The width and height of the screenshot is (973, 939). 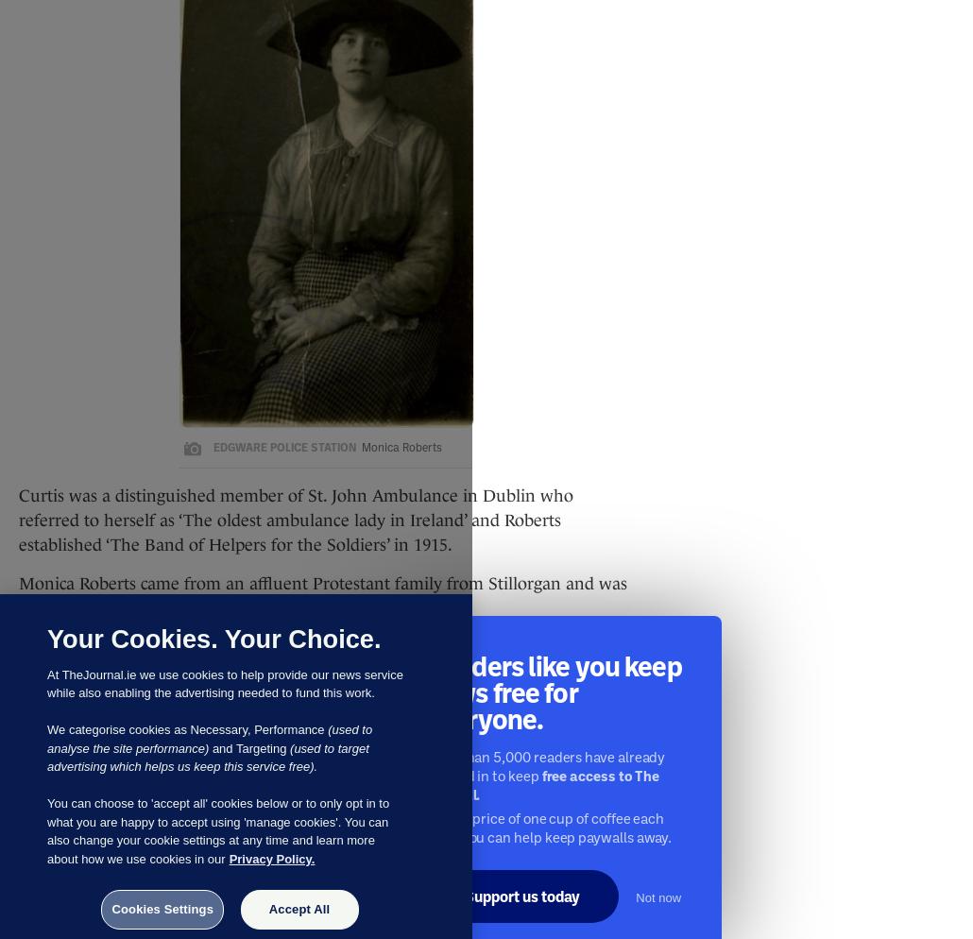 What do you see at coordinates (321, 593) in the screenshot?
I see `'Monica Roberts came from an affluent Protestant family from Stillorgan and was 24 when the war broke out in August 1914.'` at bounding box center [321, 593].